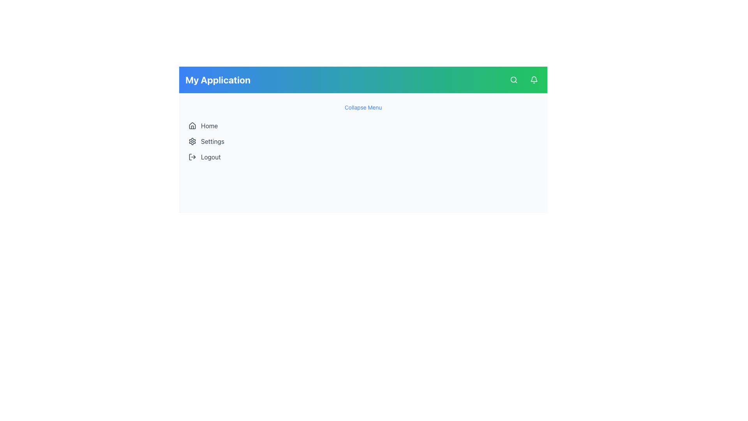  I want to click on the settings icon located to the left of the 'Settings' text, so click(192, 141).